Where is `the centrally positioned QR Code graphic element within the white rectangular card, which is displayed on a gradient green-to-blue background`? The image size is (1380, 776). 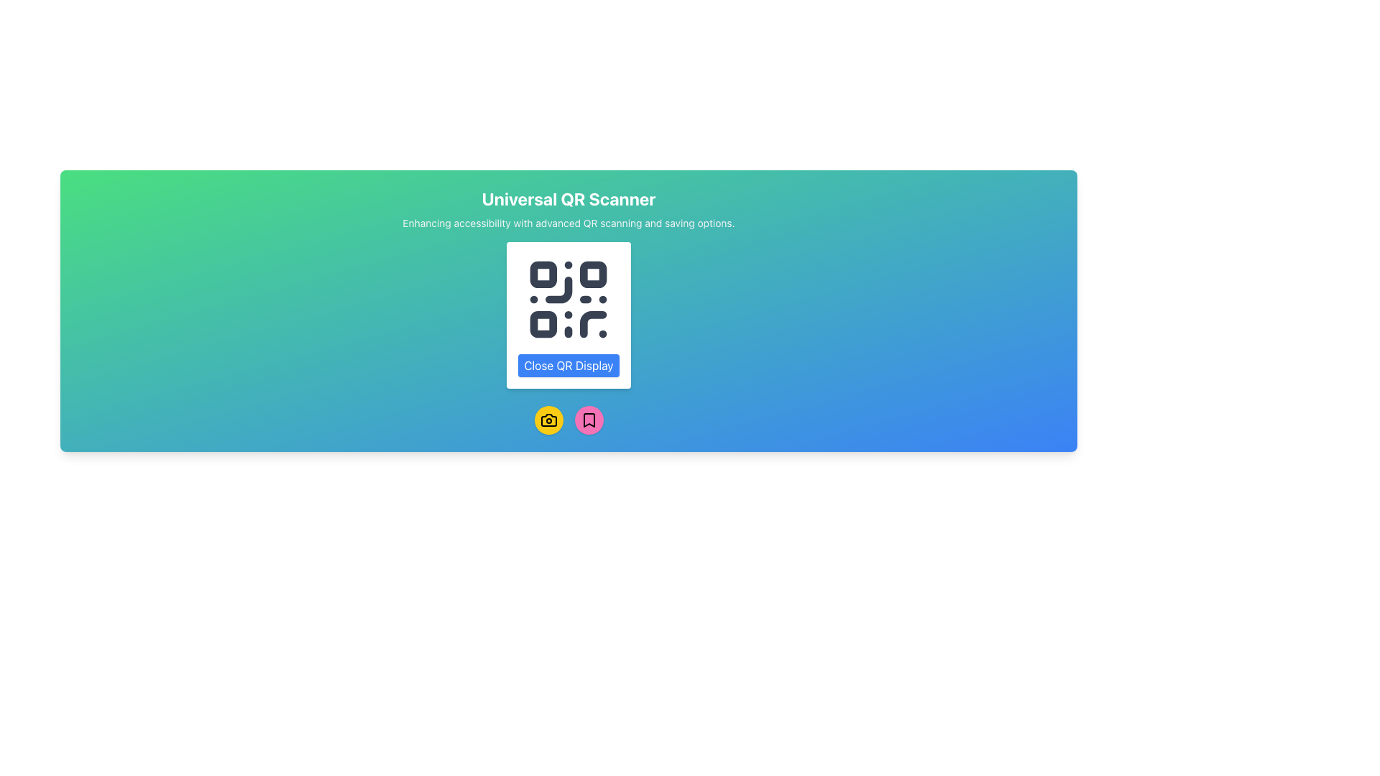 the centrally positioned QR Code graphic element within the white rectangular card, which is displayed on a gradient green-to-blue background is located at coordinates (568, 298).